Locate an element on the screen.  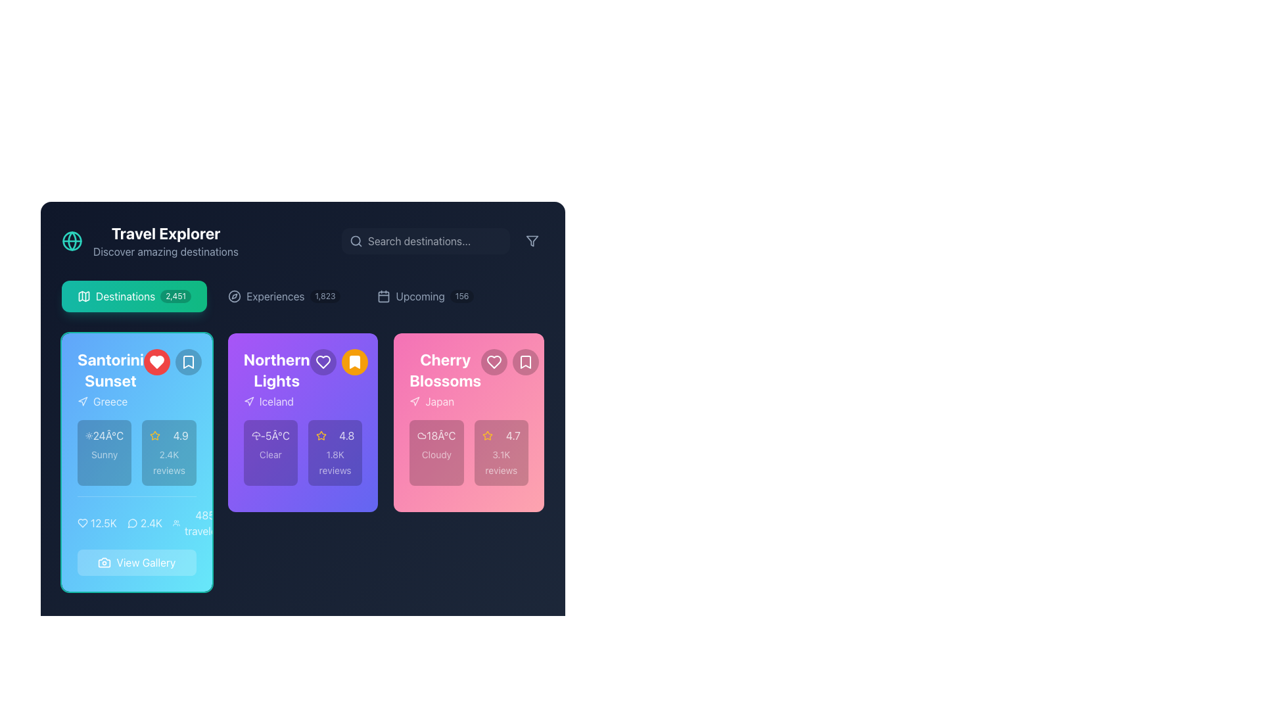
the Rating indicator element, which displays a star icon followed by the text '4.9' in a semi-transparent white color, located in the 'Santorini Sunset' card near the bottom-left corner, above the '2.4K reviews' text is located at coordinates (168, 436).